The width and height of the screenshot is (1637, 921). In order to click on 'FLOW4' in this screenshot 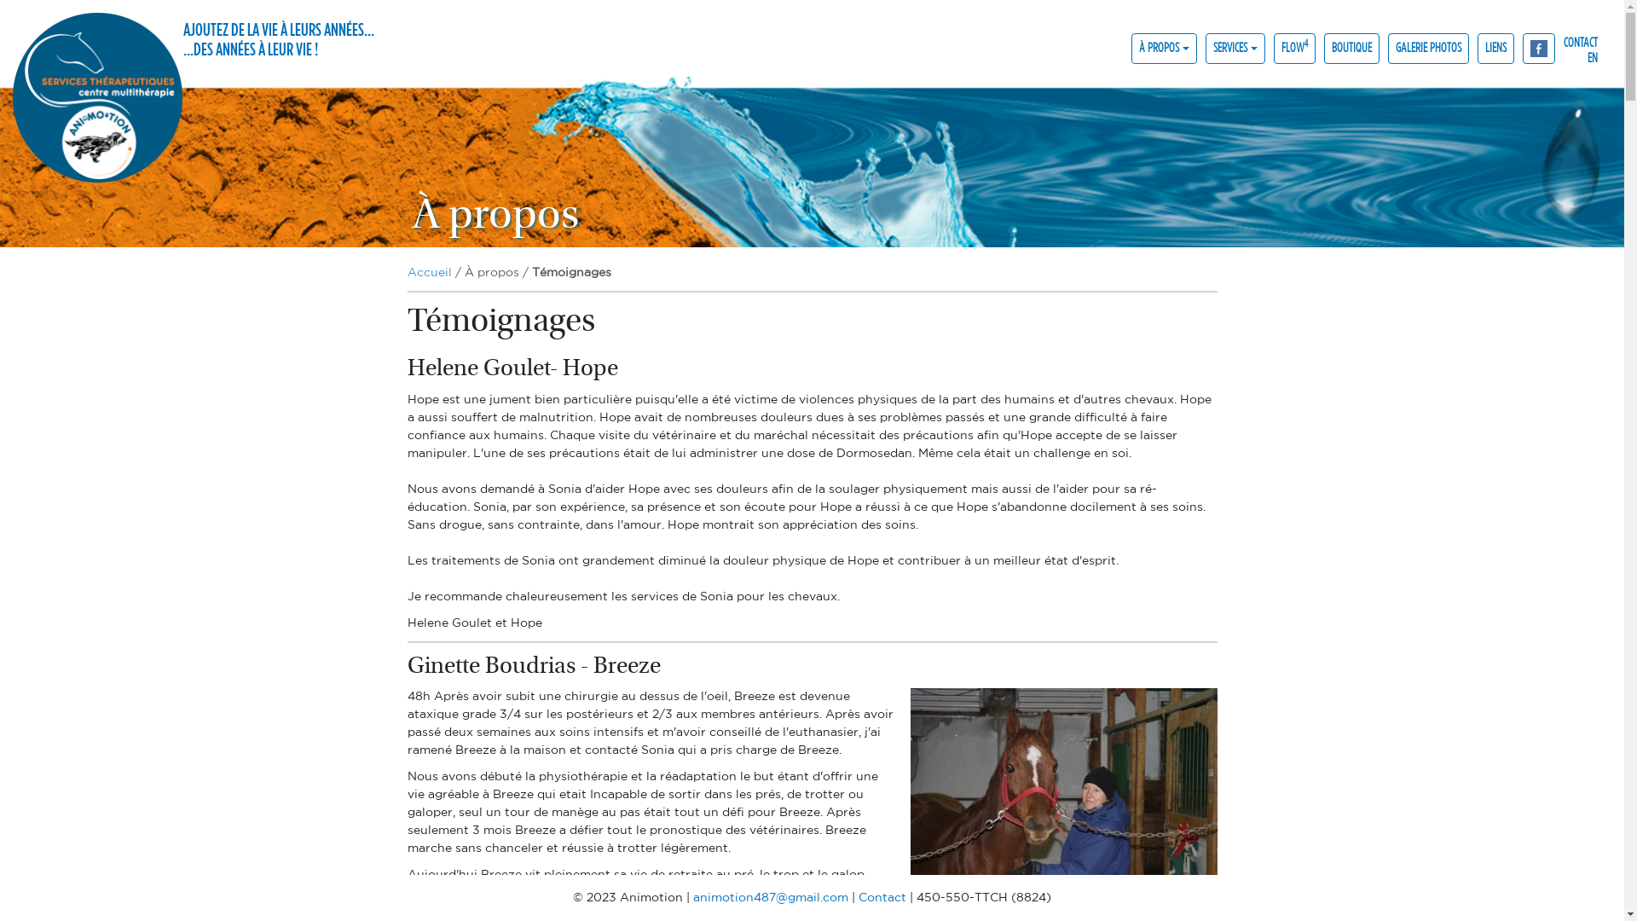, I will do `click(1294, 47)`.